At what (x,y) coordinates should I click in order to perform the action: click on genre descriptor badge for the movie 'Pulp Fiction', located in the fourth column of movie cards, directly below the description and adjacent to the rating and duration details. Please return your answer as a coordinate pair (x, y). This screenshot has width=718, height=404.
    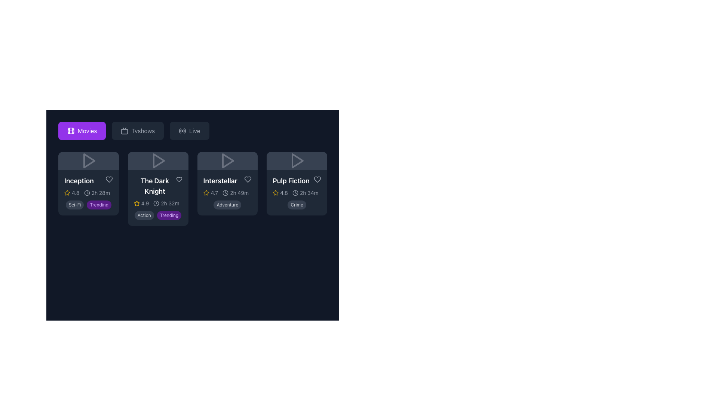
    Looking at the image, I should click on (297, 205).